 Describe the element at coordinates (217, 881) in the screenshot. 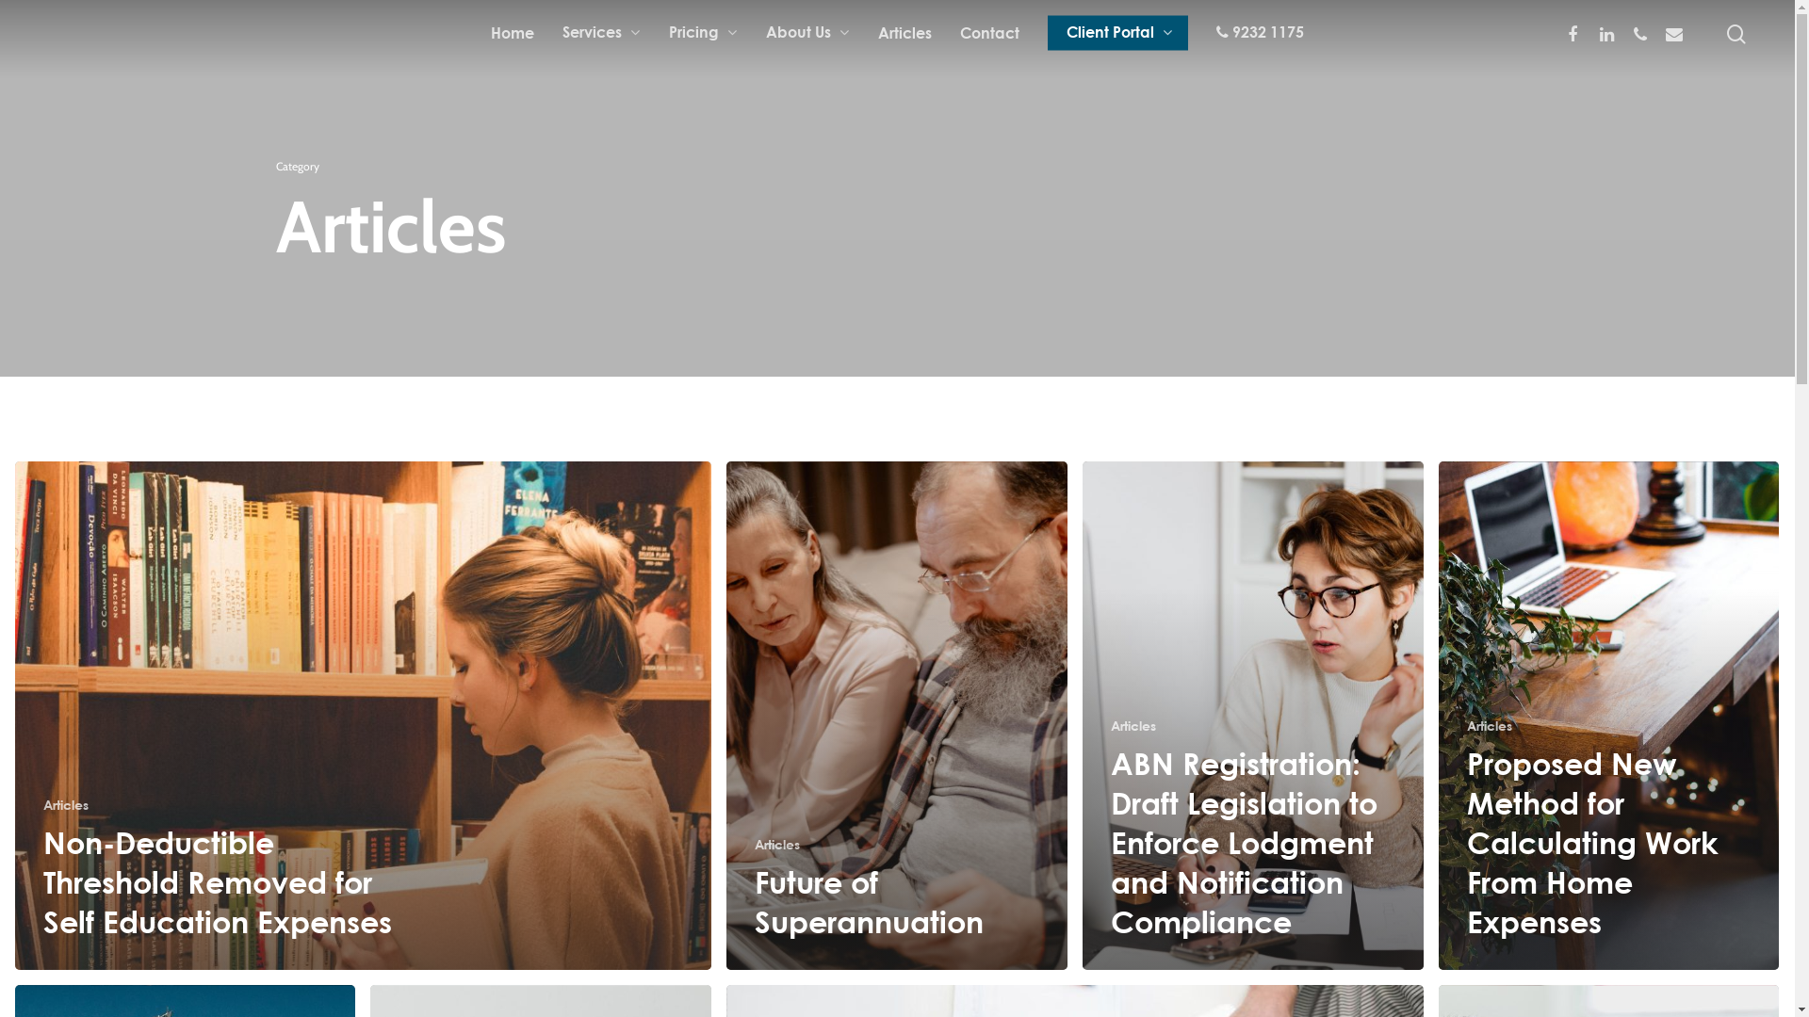

I see `'Non-Deductible Threshold Removed for Self Education Expenses'` at that location.